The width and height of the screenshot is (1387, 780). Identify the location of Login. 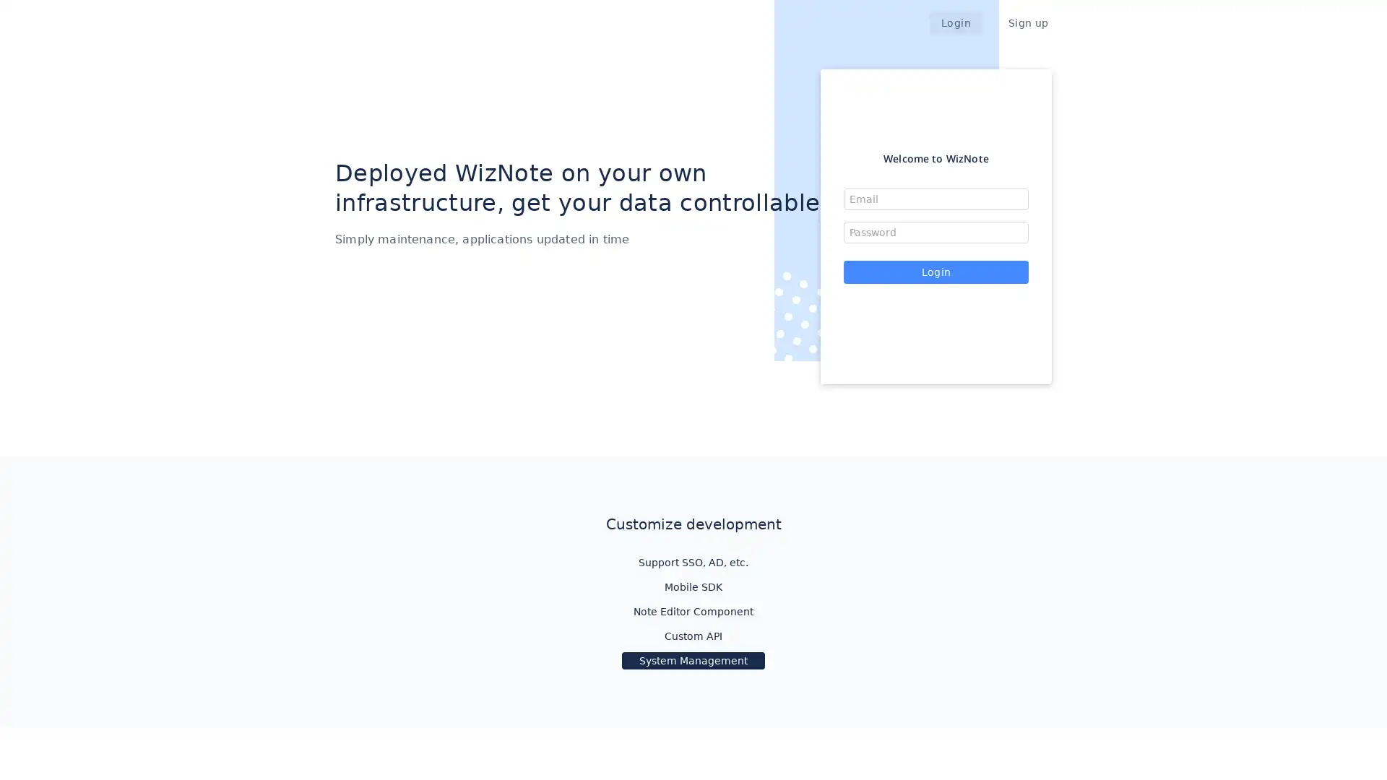
(936, 272).